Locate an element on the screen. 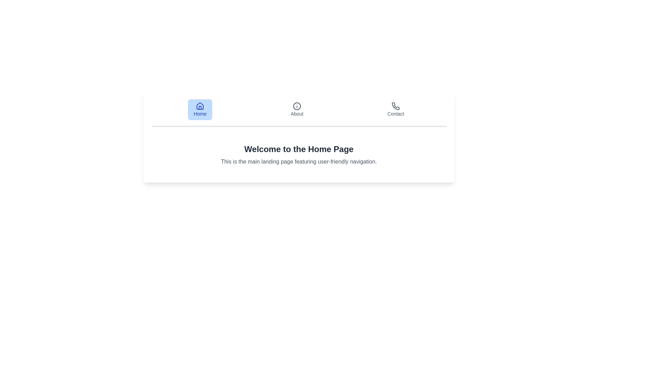  the Home tab to observe its style change is located at coordinates (200, 109).